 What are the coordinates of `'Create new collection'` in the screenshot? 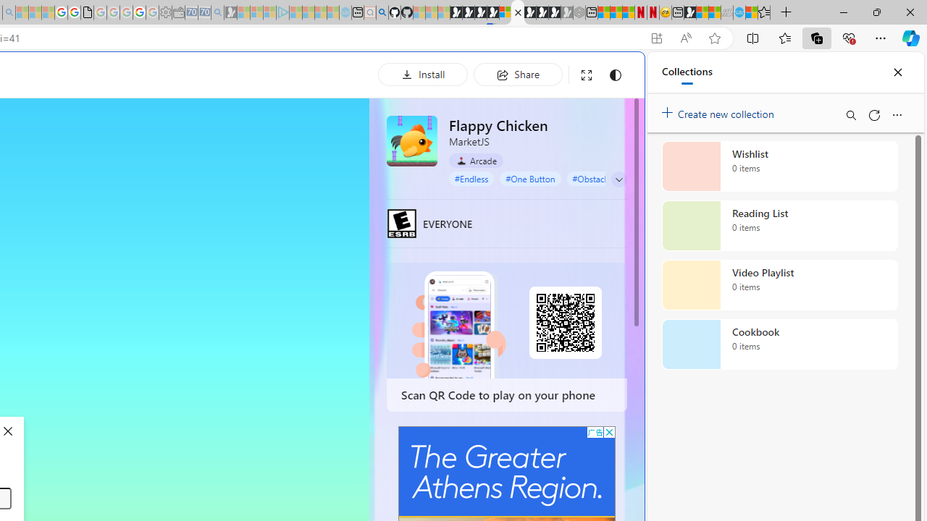 It's located at (721, 110).